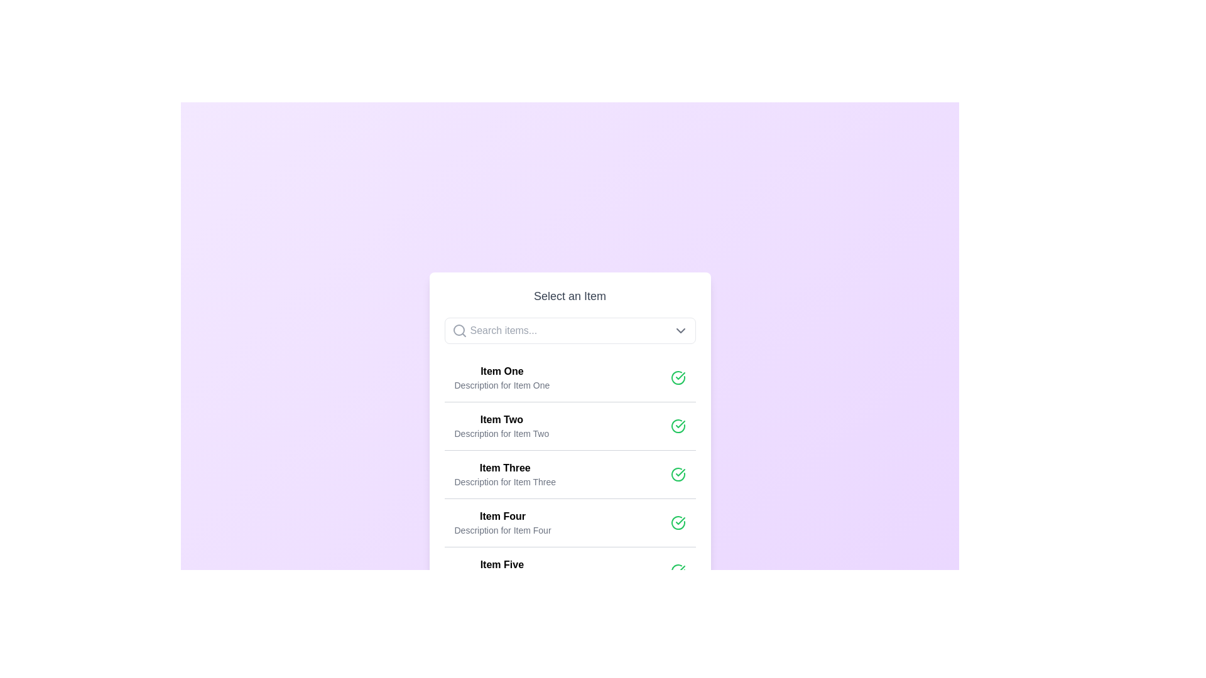  I want to click on the static text element providing additional detail related to 'Item Three', which is located directly below the bolded text 'Item Three' in a central modal, so click(505, 481).